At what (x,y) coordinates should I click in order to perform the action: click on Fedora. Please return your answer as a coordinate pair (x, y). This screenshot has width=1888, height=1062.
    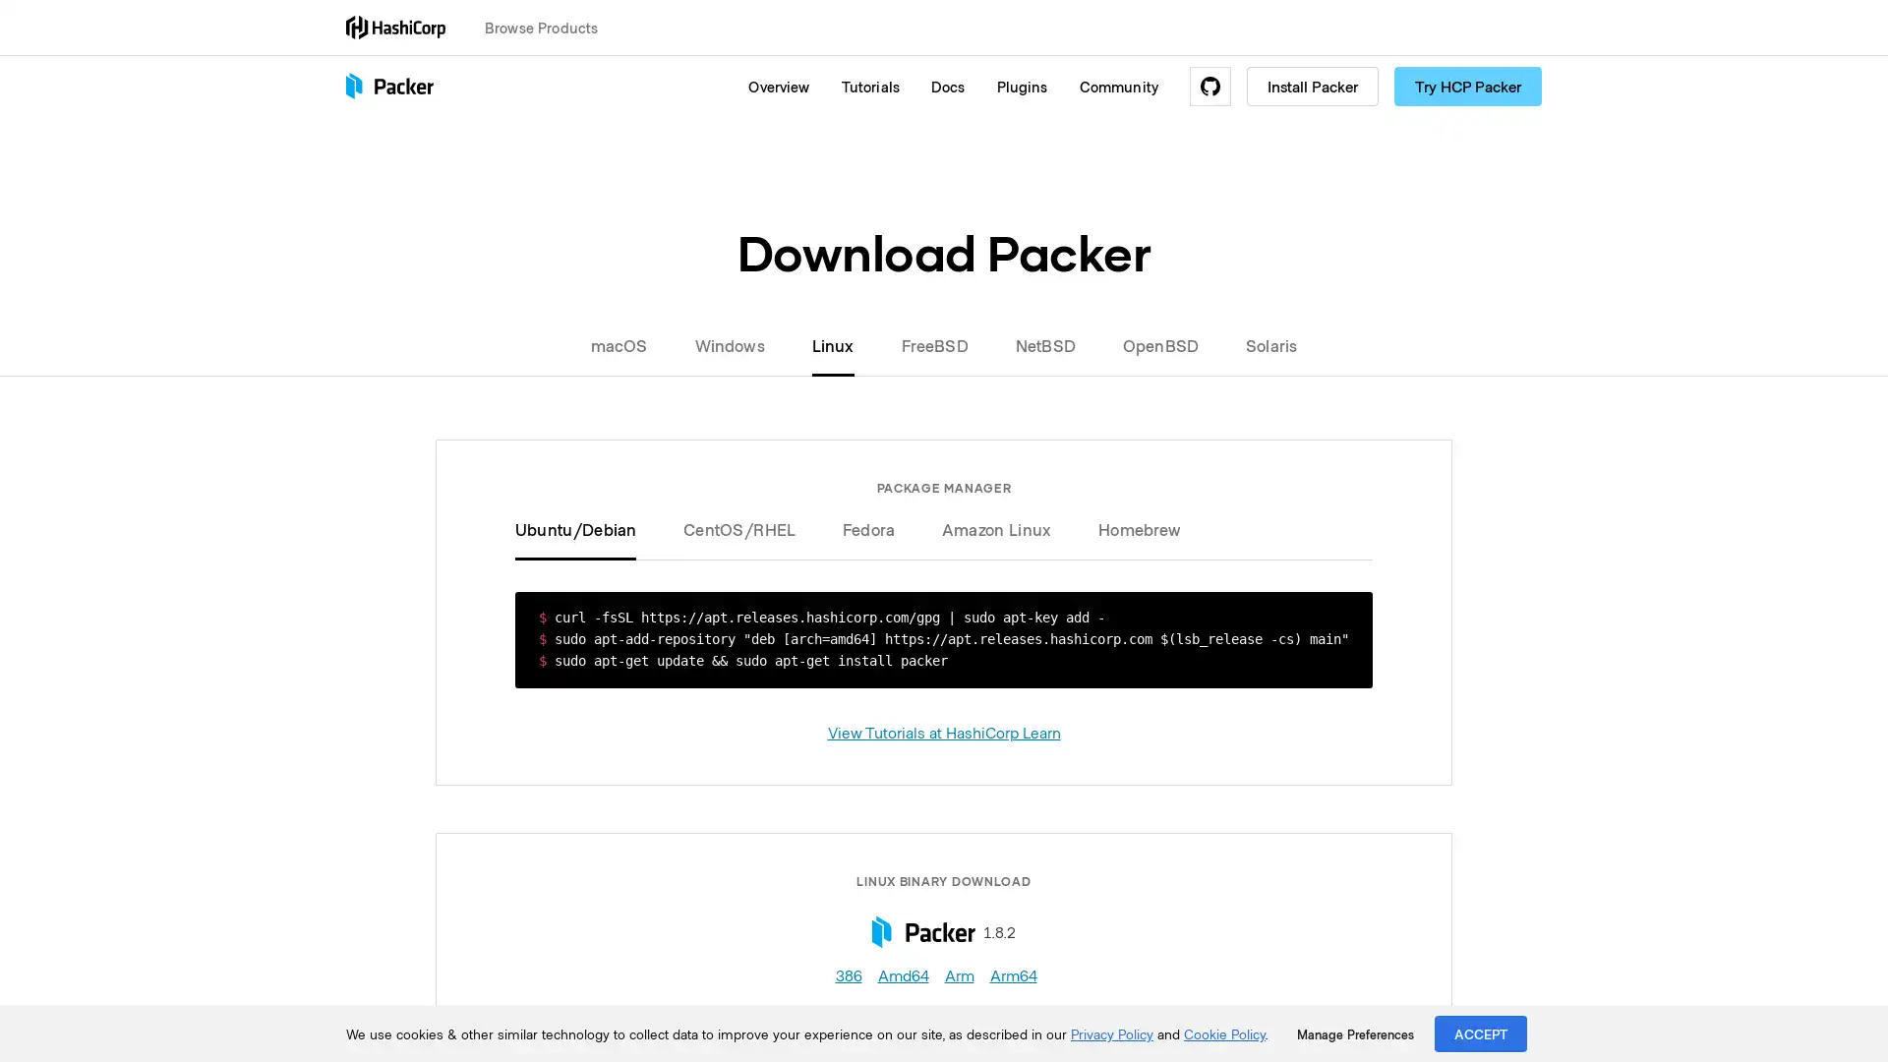
    Looking at the image, I should click on (867, 527).